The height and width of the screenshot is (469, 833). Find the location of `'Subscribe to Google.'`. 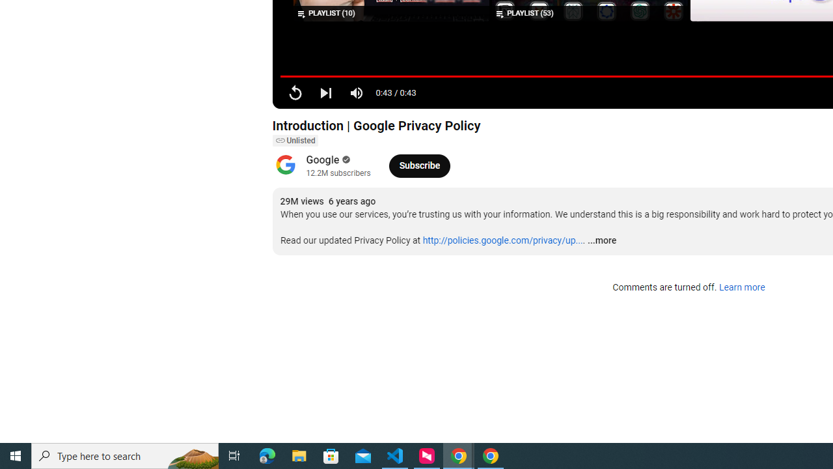

'Subscribe to Google.' is located at coordinates (419, 165).